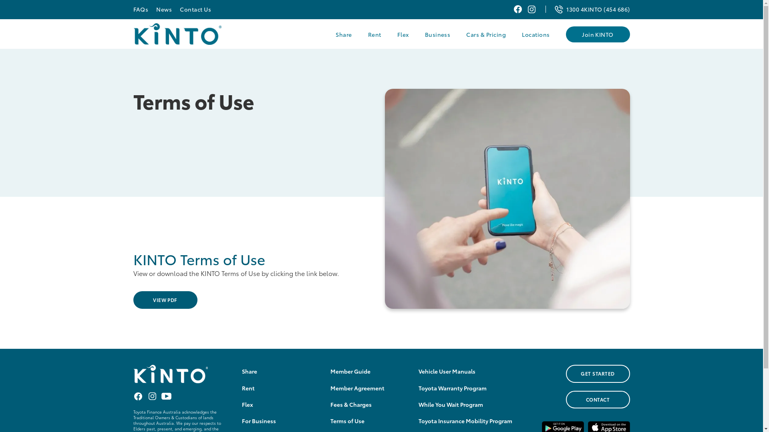  I want to click on 'CONTACT', so click(565, 400).